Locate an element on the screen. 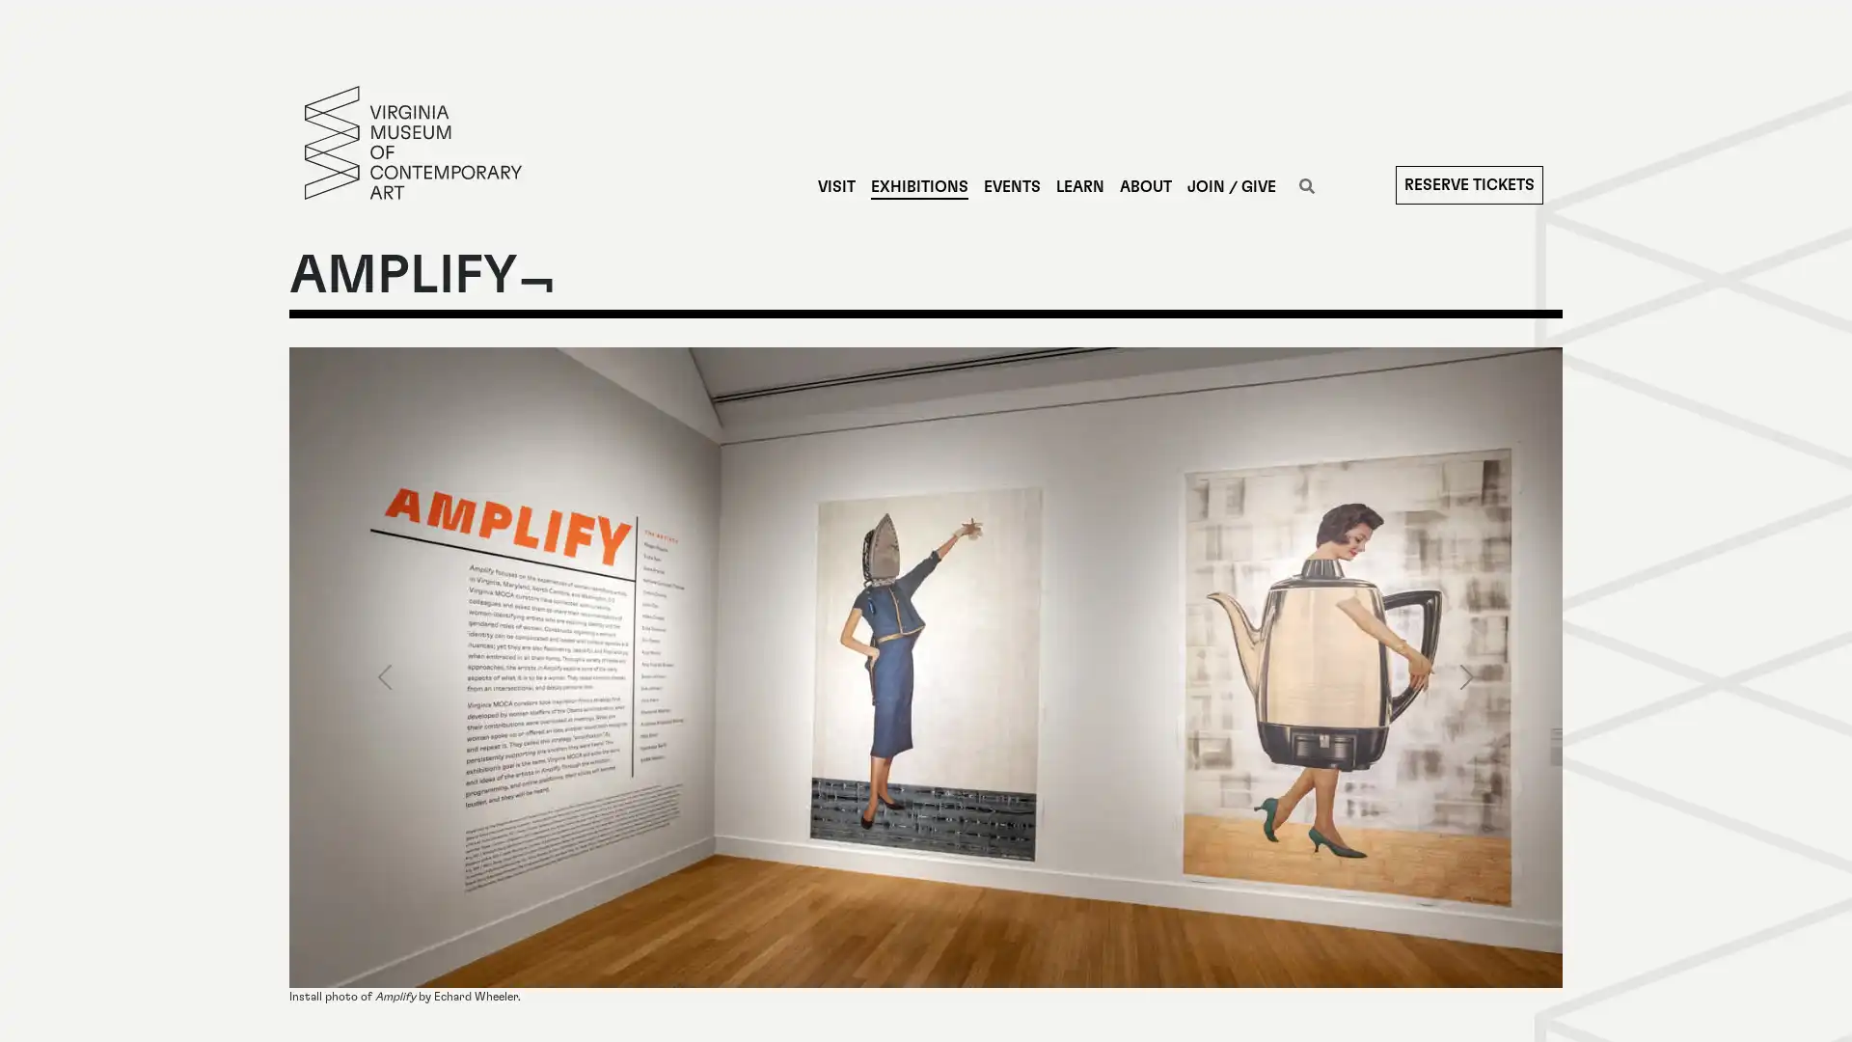 The height and width of the screenshot is (1042, 1852). EXHIBITIONS is located at coordinates (917, 186).